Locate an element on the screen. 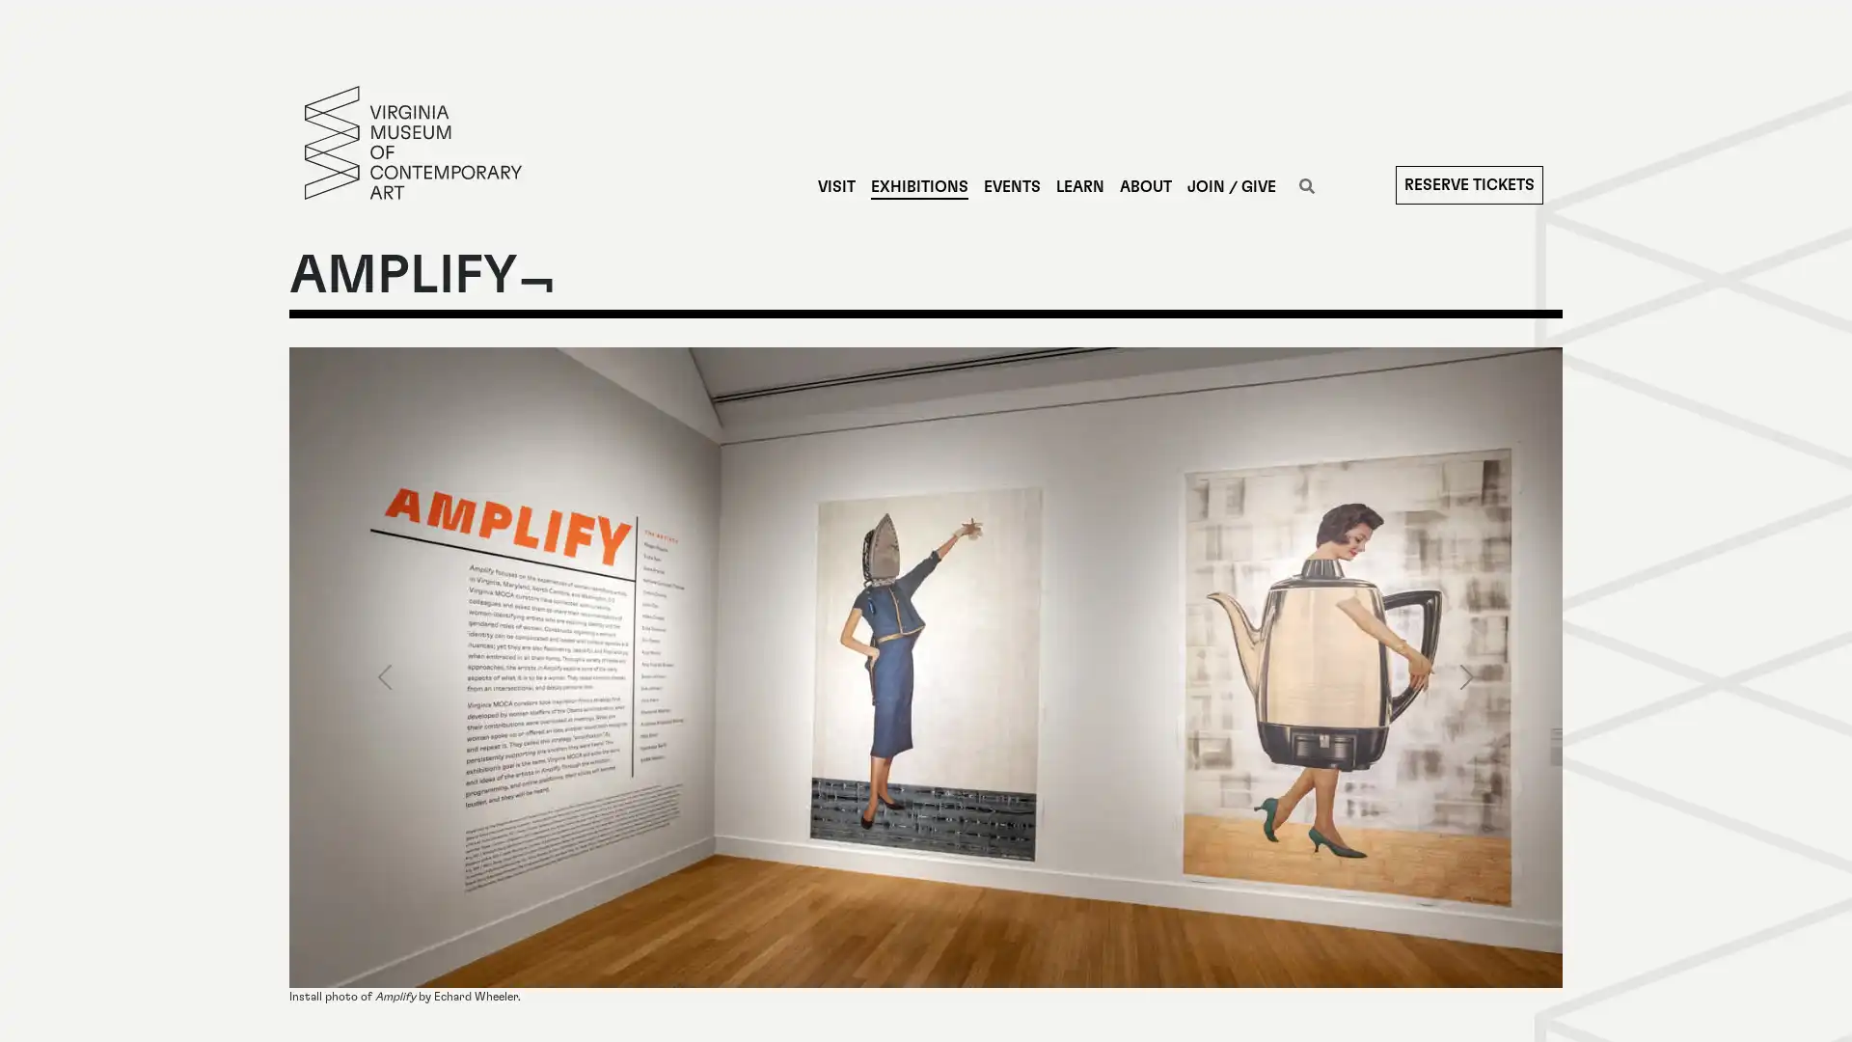 The height and width of the screenshot is (1042, 1852). EXHIBITIONS is located at coordinates (917, 186).